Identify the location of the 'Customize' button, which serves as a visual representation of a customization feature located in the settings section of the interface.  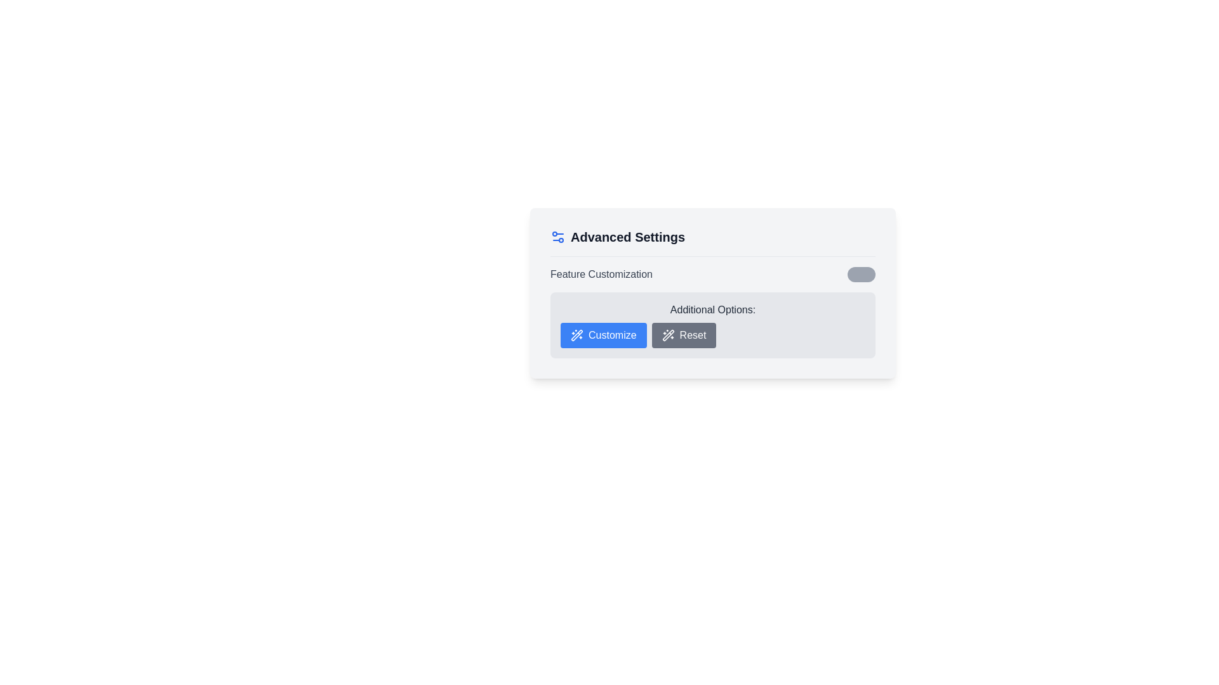
(576, 334).